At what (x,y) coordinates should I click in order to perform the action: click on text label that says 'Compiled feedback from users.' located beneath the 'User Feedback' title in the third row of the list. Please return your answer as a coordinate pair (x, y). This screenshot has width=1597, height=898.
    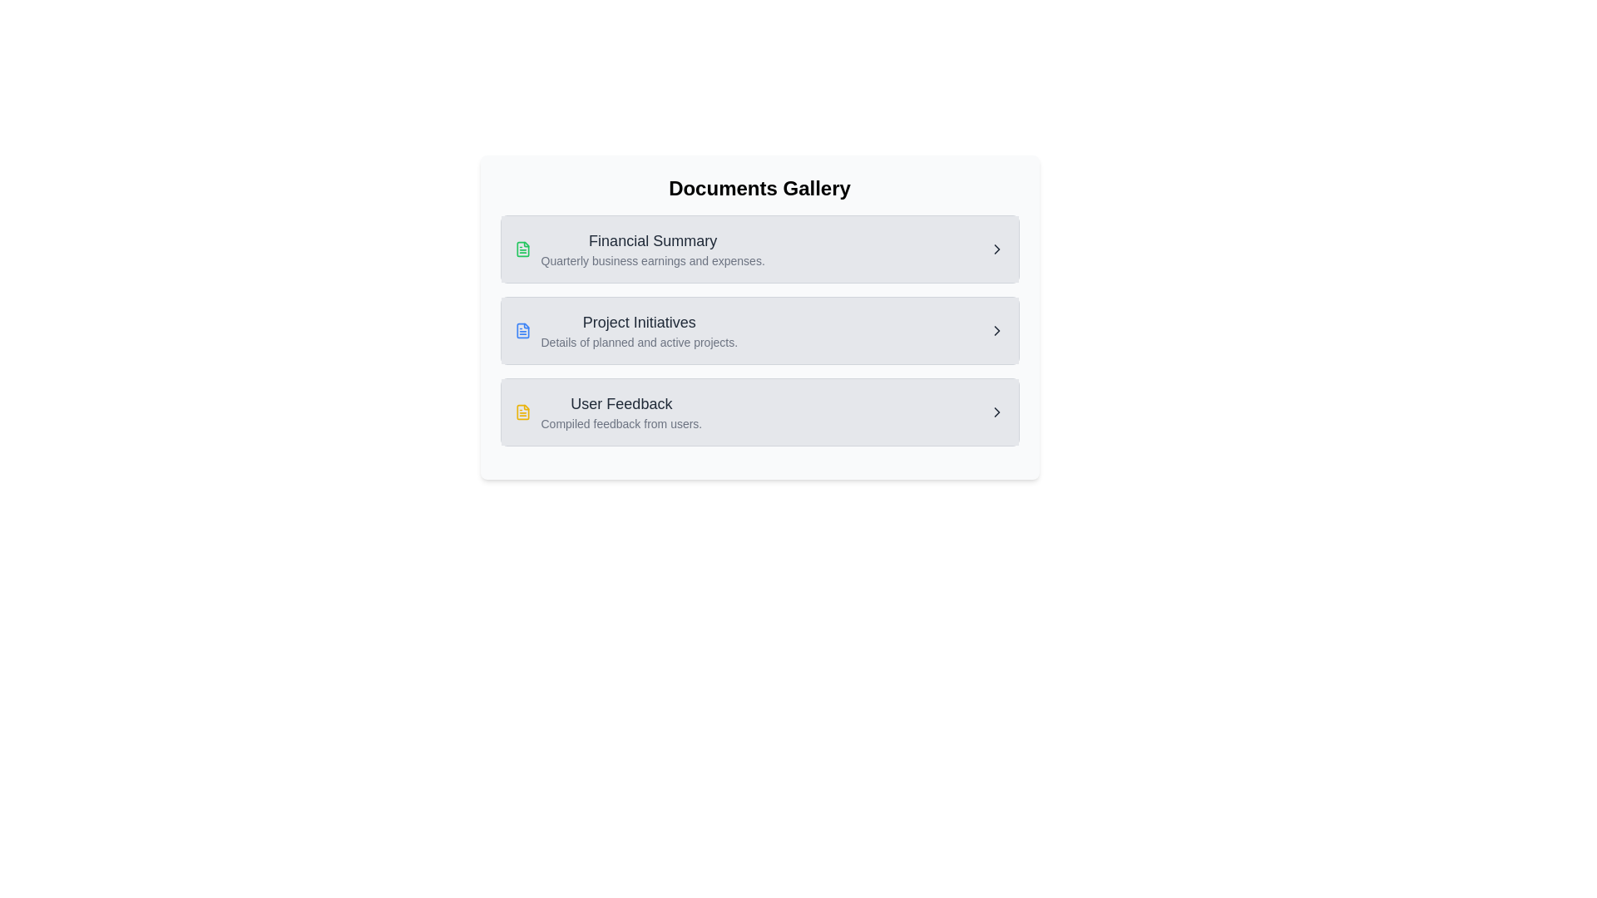
    Looking at the image, I should click on (621, 422).